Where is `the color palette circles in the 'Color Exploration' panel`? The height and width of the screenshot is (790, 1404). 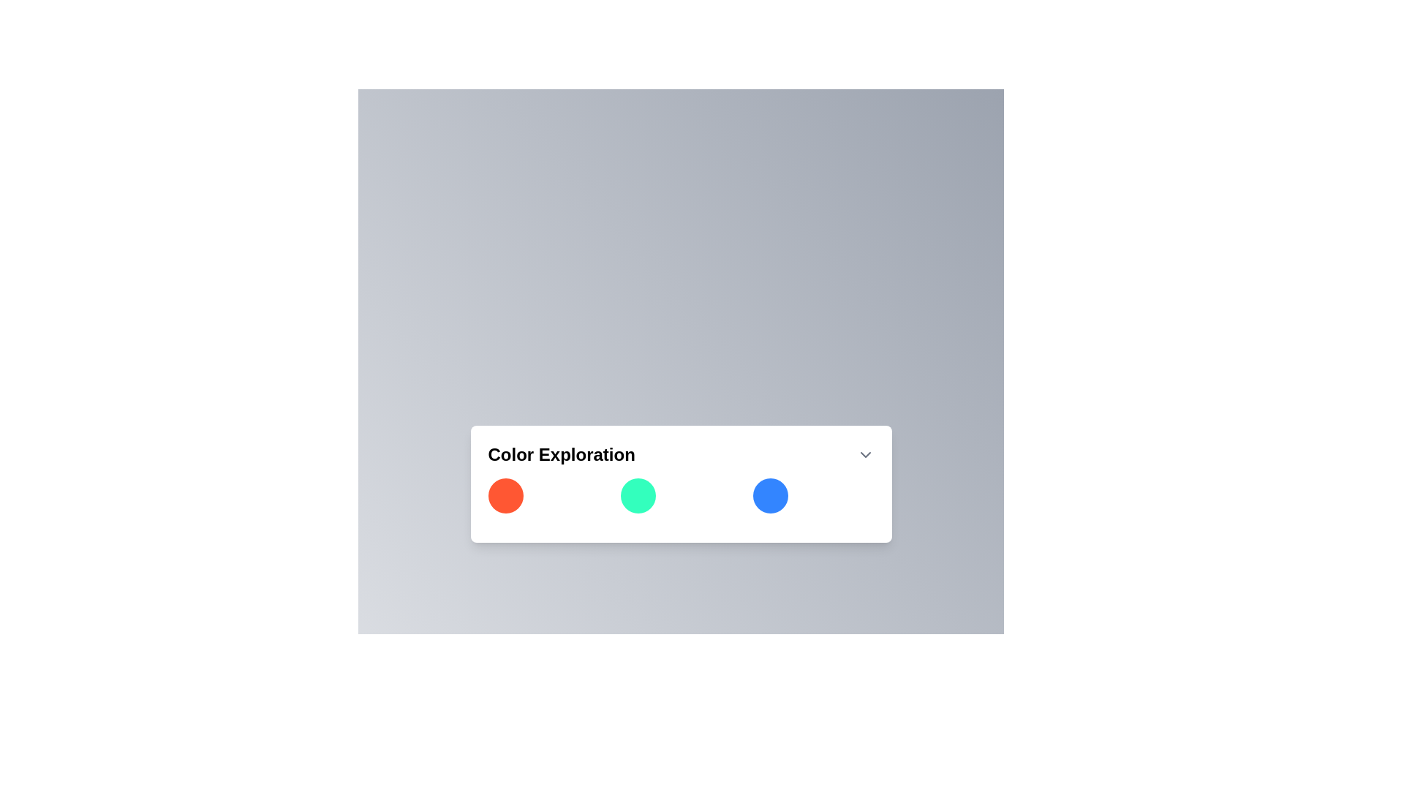
the color palette circles in the 'Color Exploration' panel is located at coordinates (680, 495).